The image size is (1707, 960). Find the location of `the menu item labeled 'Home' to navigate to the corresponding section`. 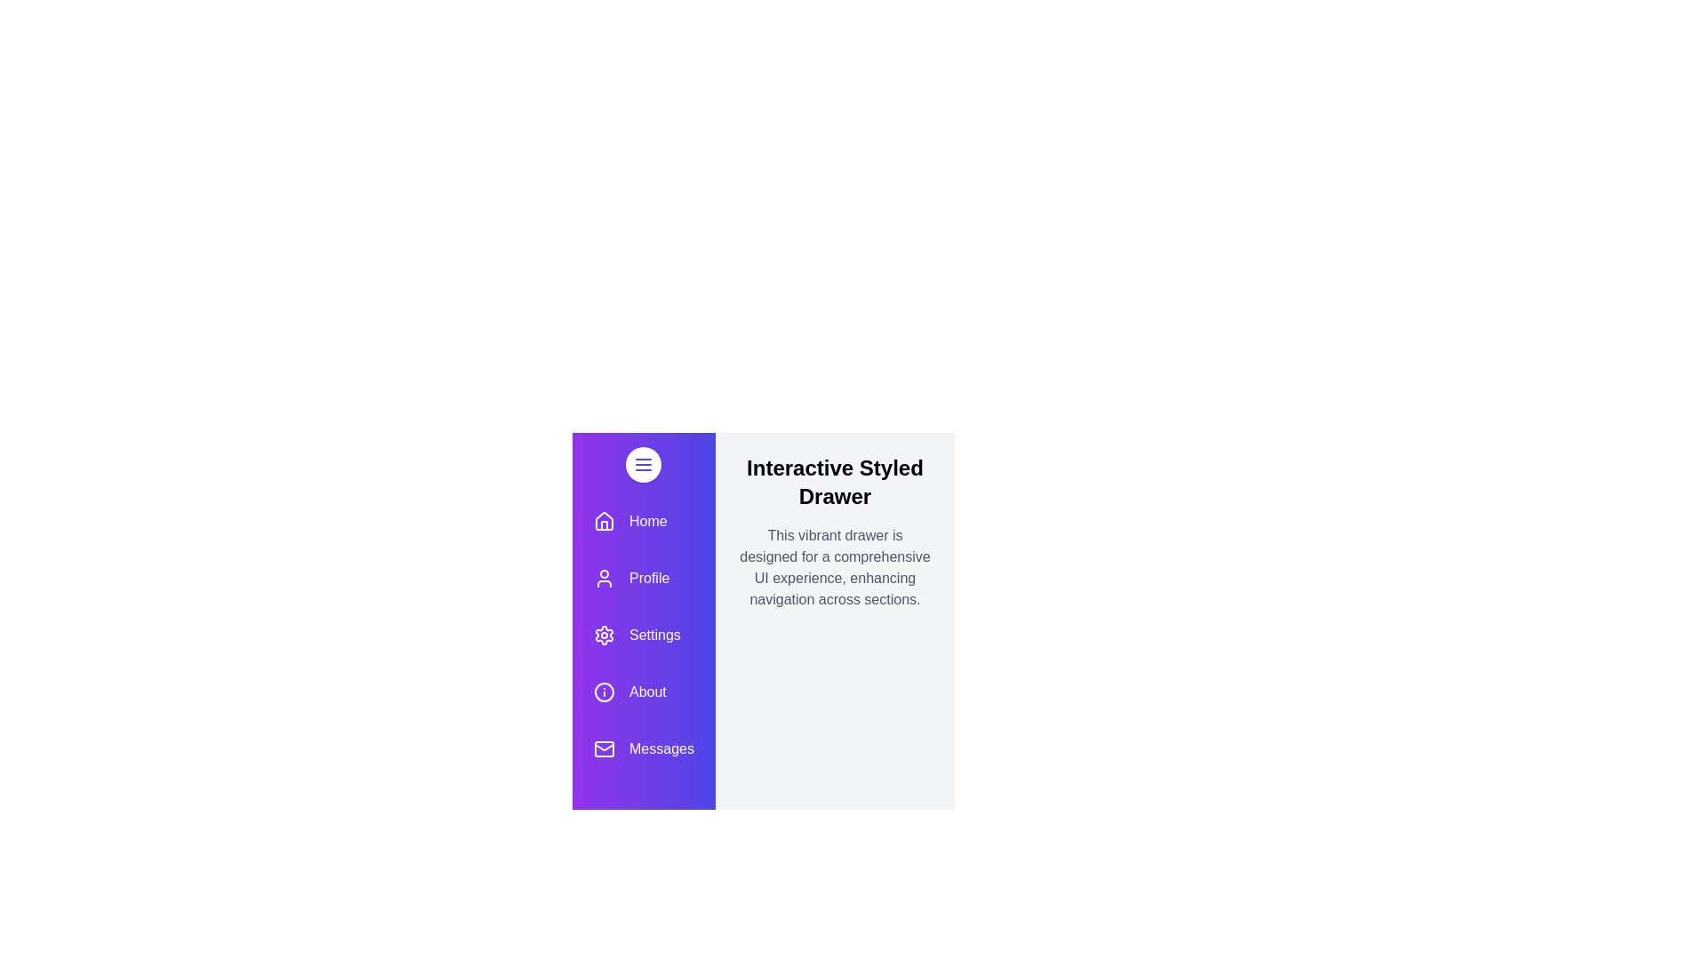

the menu item labeled 'Home' to navigate to the corresponding section is located at coordinates (643, 520).